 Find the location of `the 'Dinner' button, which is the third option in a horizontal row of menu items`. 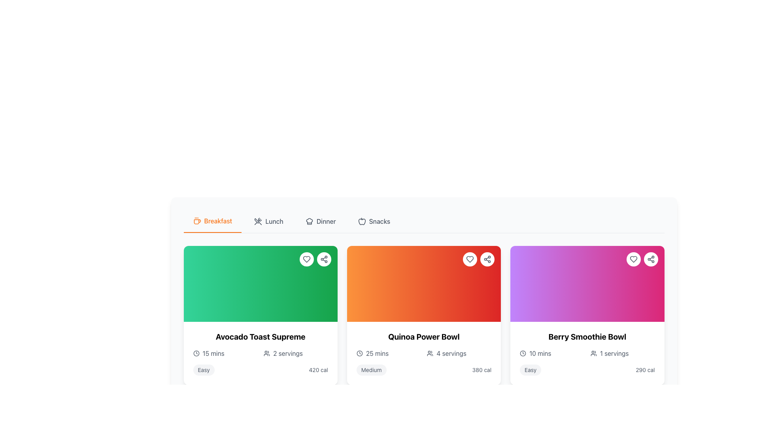

the 'Dinner' button, which is the third option in a horizontal row of menu items is located at coordinates (321, 221).